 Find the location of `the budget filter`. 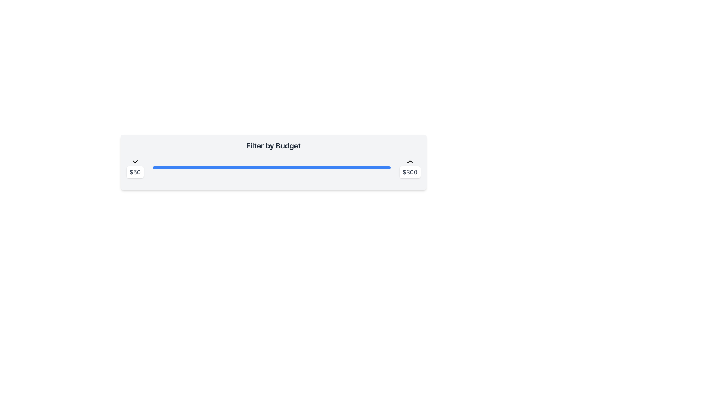

the budget filter is located at coordinates (164, 167).